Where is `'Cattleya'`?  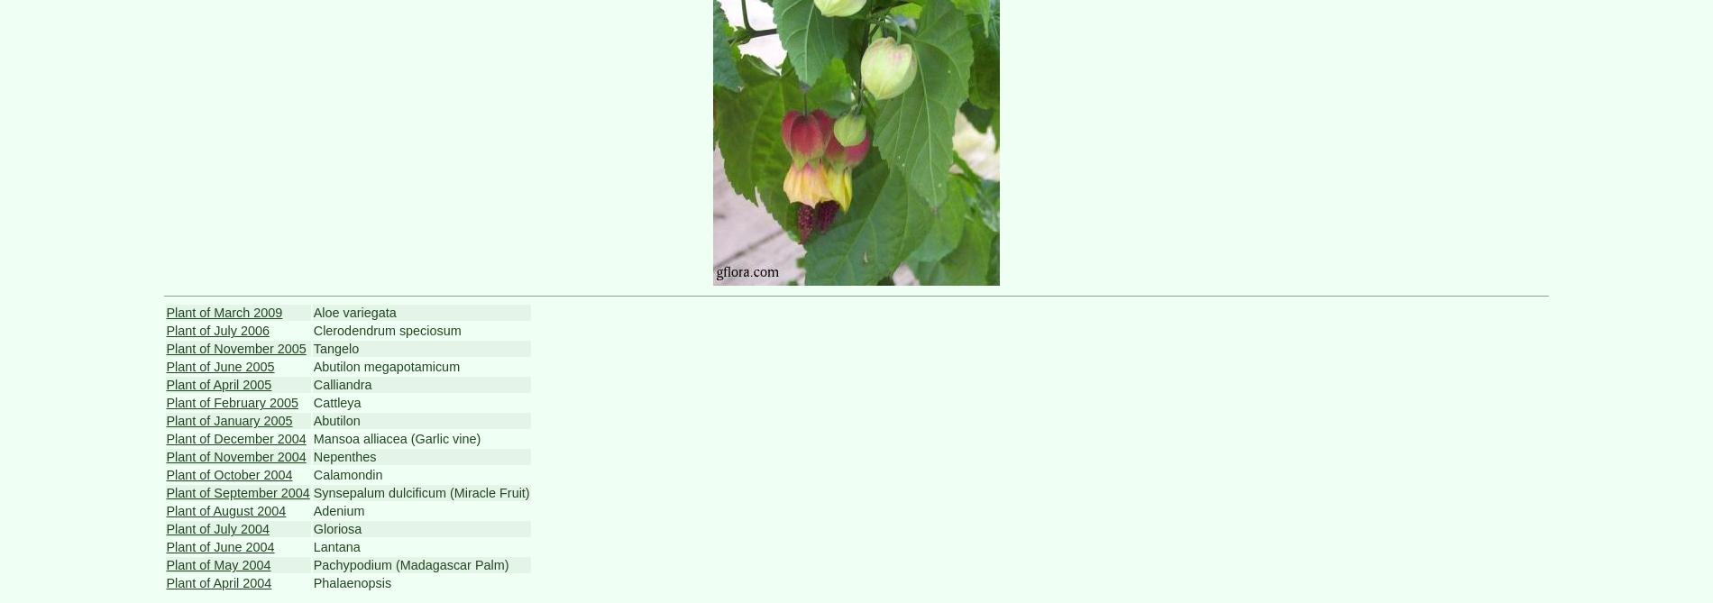 'Cattleya' is located at coordinates (335, 403).